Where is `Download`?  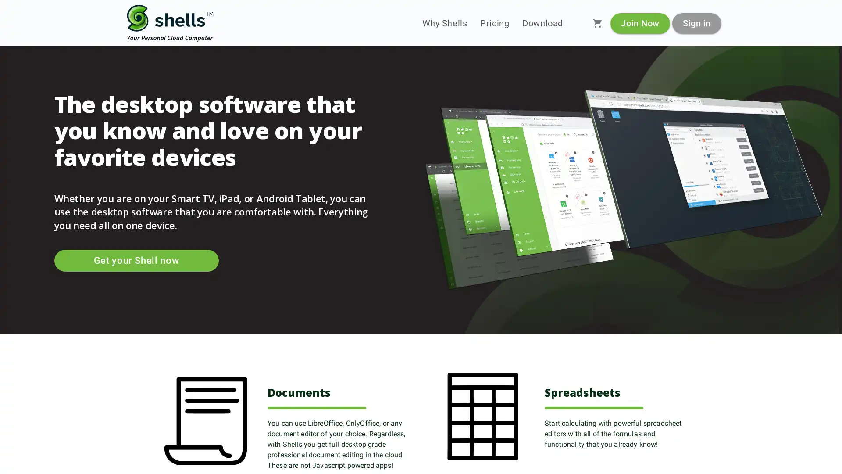 Download is located at coordinates (542, 23).